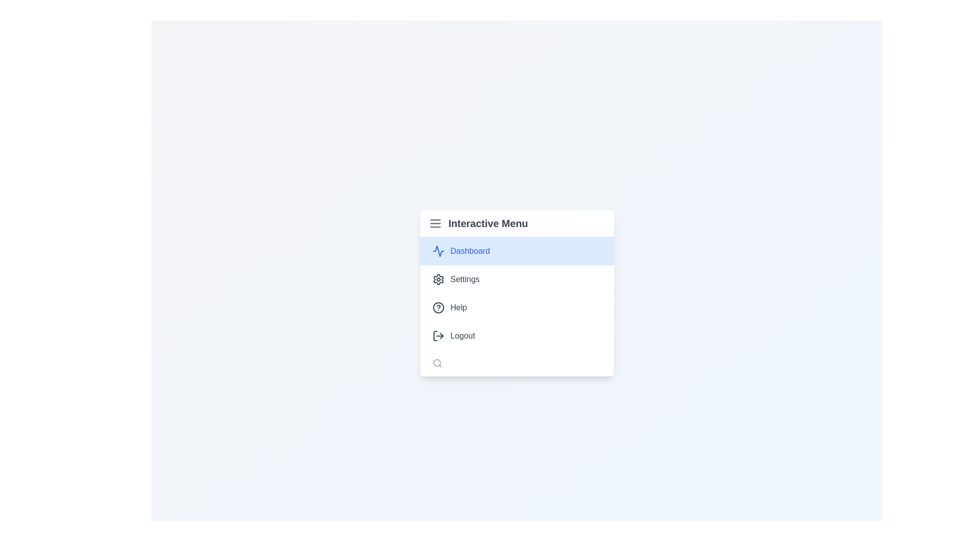 The height and width of the screenshot is (545, 969). I want to click on the header element at the top of the menu section, which is the first item above 'Dashboard' and 'Settings', so click(517, 223).